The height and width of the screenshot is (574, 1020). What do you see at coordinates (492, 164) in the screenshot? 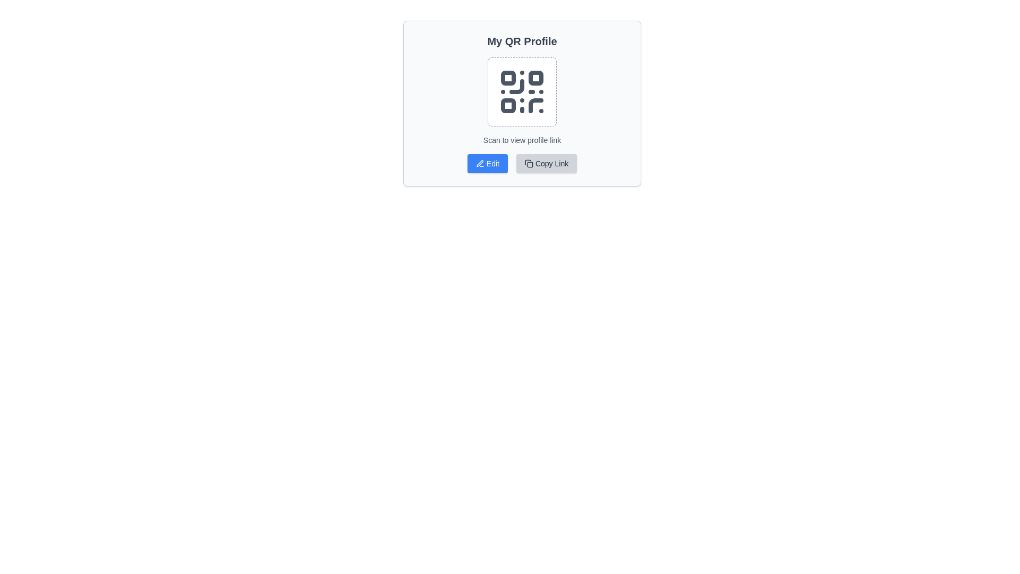
I see `text label 'Edit' which is styled in a small white font over a blue background and is located within a button-like UI component` at bounding box center [492, 164].